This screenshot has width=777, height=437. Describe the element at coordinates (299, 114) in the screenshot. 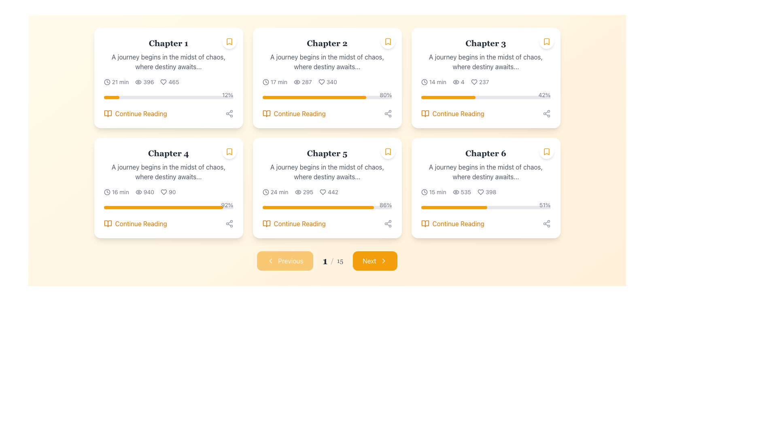

I see `the call-to-action button located at the bottom middle of the 'Chapter 2' card` at that location.